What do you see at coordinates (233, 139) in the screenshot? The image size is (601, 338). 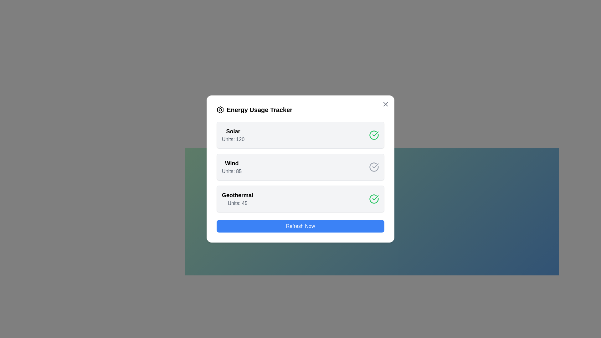 I see `the static text displaying 'Units: 120' which is located beneath the bolded text 'Solar'` at bounding box center [233, 139].